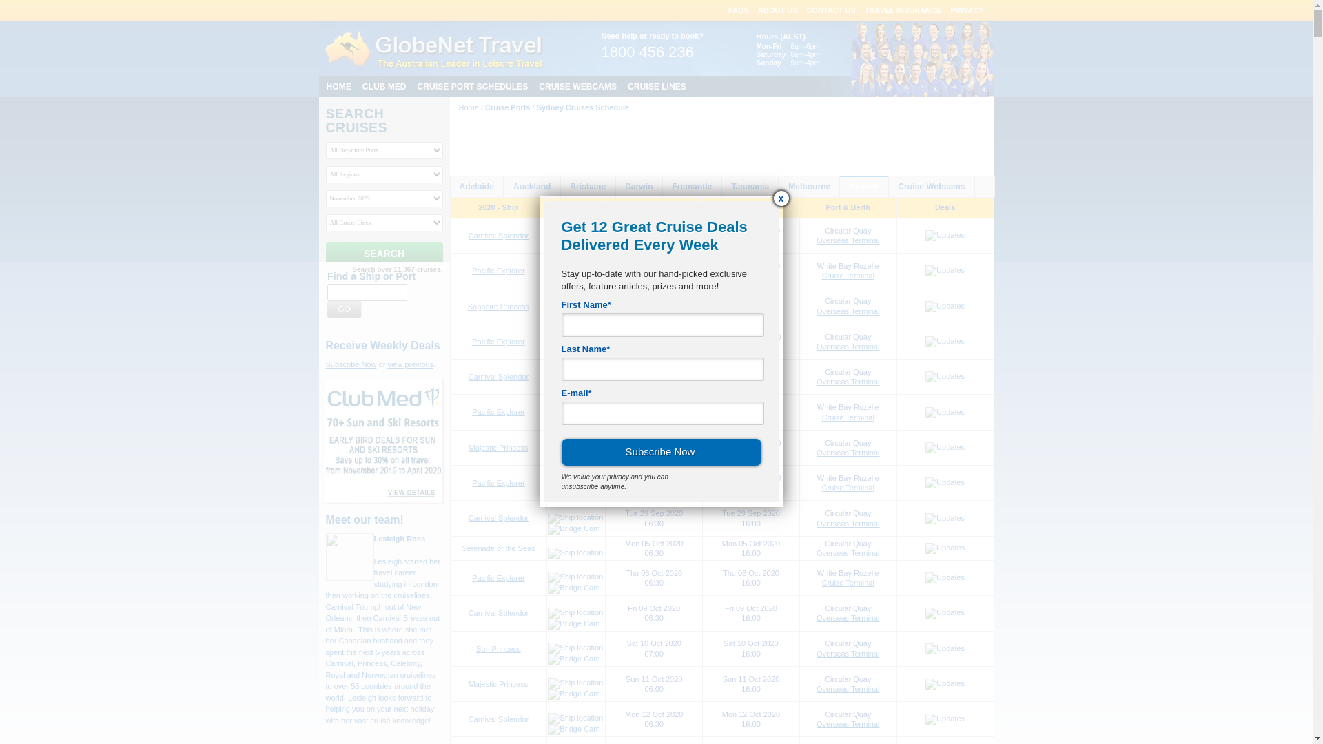 This screenshot has height=744, width=1323. Describe the element at coordinates (498, 448) in the screenshot. I see `'Majestic Princess'` at that location.